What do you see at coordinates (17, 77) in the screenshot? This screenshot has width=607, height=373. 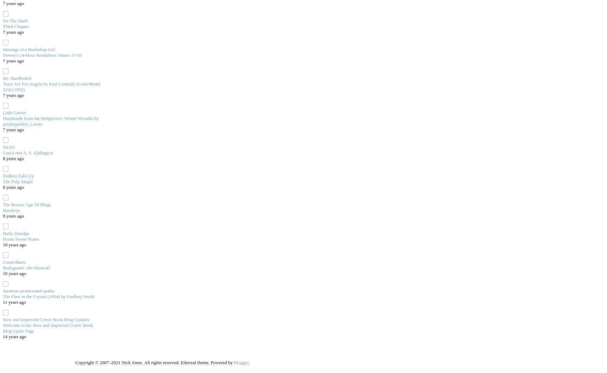 I see `'Mr. Hardboiled'` at bounding box center [17, 77].